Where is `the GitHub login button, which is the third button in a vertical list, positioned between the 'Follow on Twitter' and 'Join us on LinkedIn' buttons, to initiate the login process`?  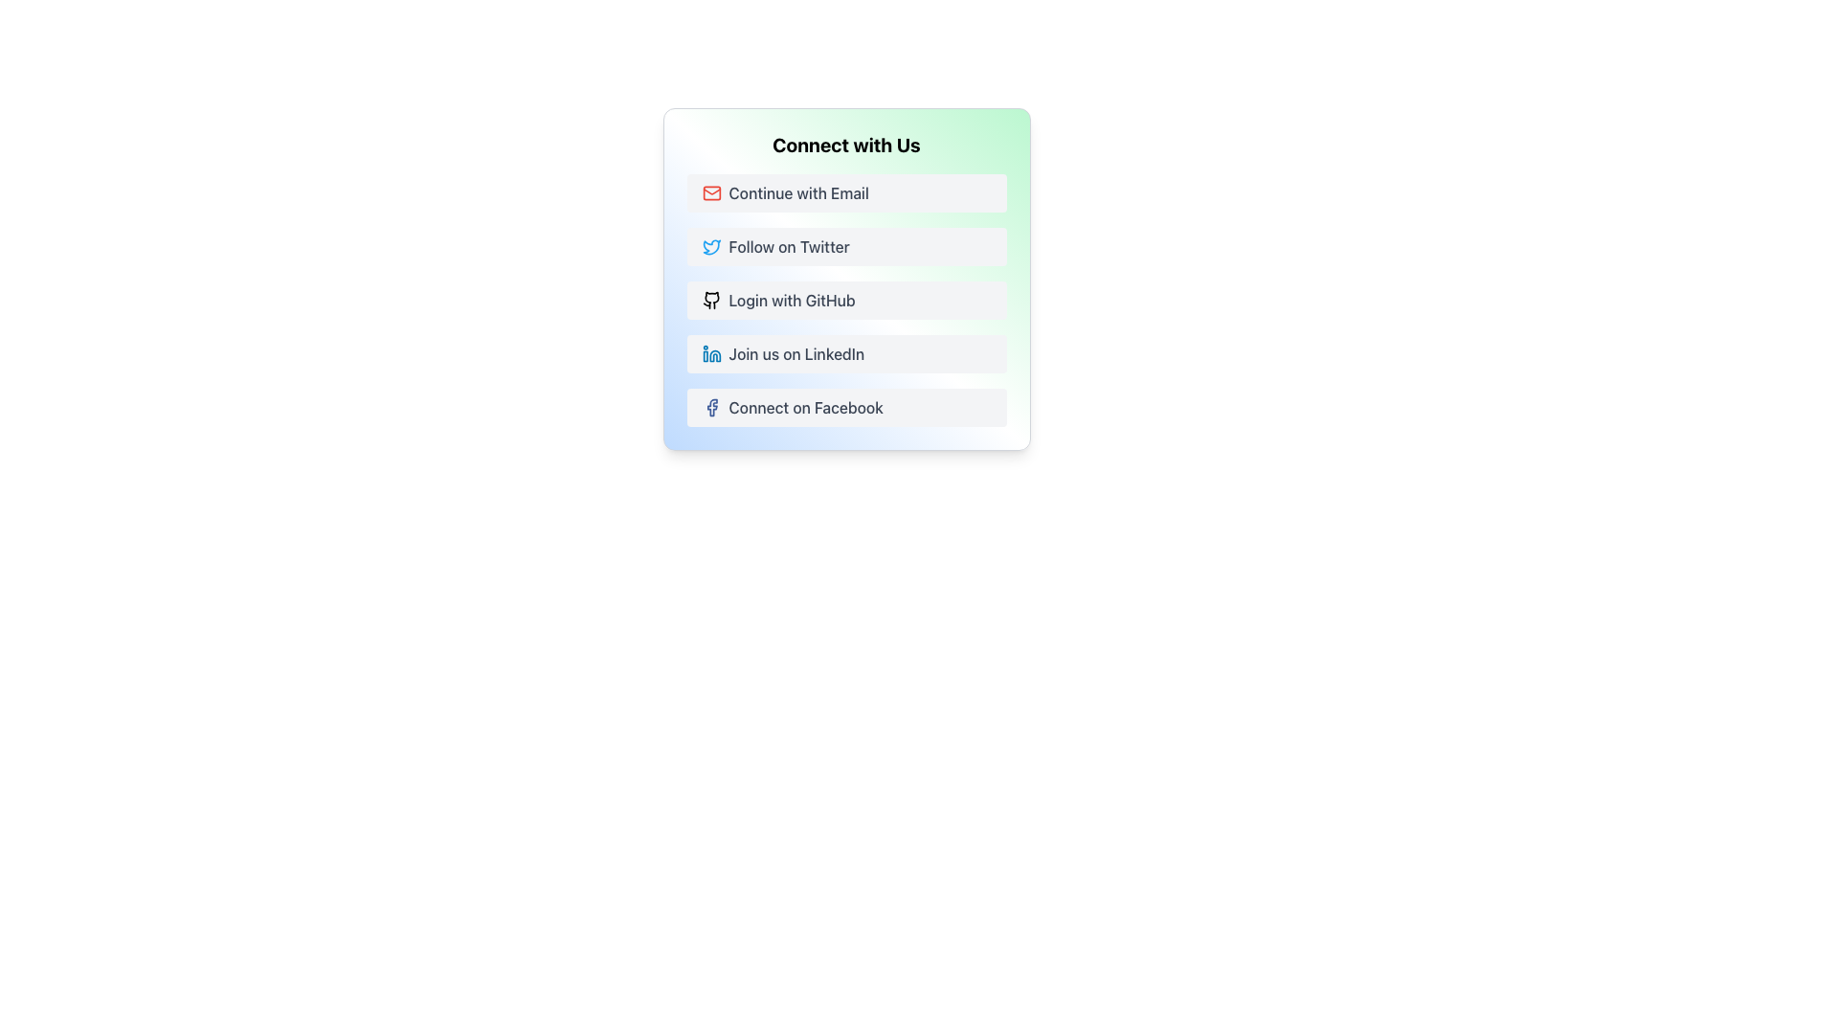
the GitHub login button, which is the third button in a vertical list, positioned between the 'Follow on Twitter' and 'Join us on LinkedIn' buttons, to initiate the login process is located at coordinates (845, 300).